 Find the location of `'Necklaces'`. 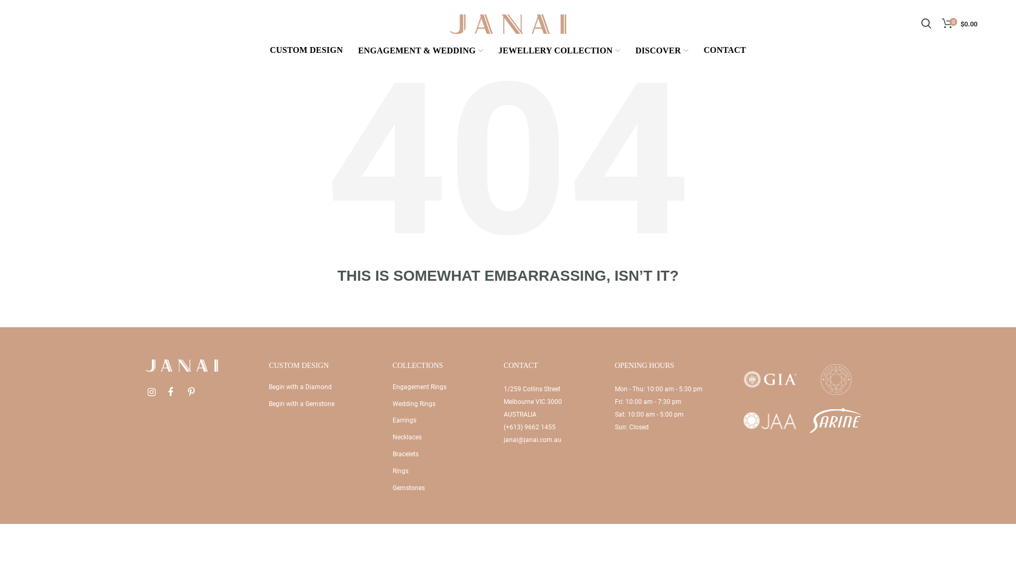

'Necklaces' is located at coordinates (392, 437).